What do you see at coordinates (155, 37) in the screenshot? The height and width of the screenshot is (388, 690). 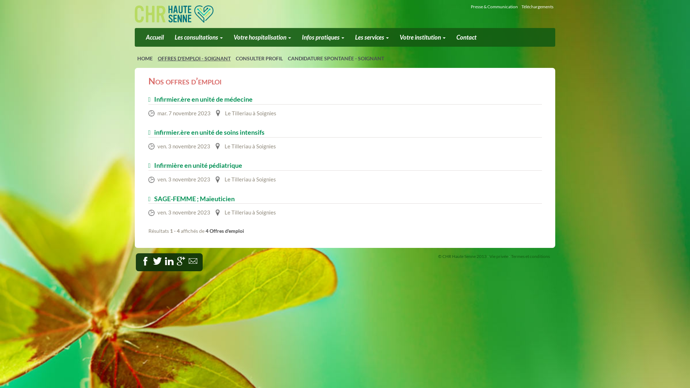 I see `'Accueil'` at bounding box center [155, 37].